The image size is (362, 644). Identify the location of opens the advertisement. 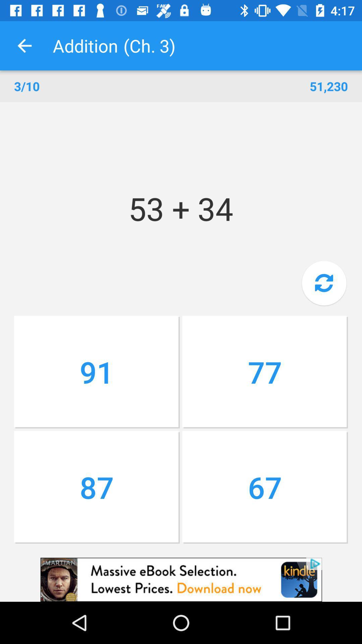
(181, 579).